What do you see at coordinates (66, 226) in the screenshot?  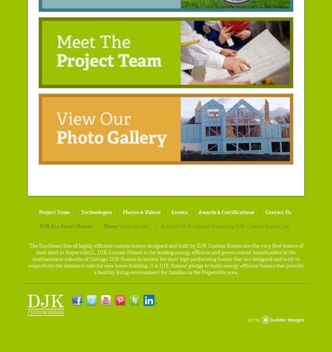 I see `'DJK Eco-Smart Homes'` at bounding box center [66, 226].